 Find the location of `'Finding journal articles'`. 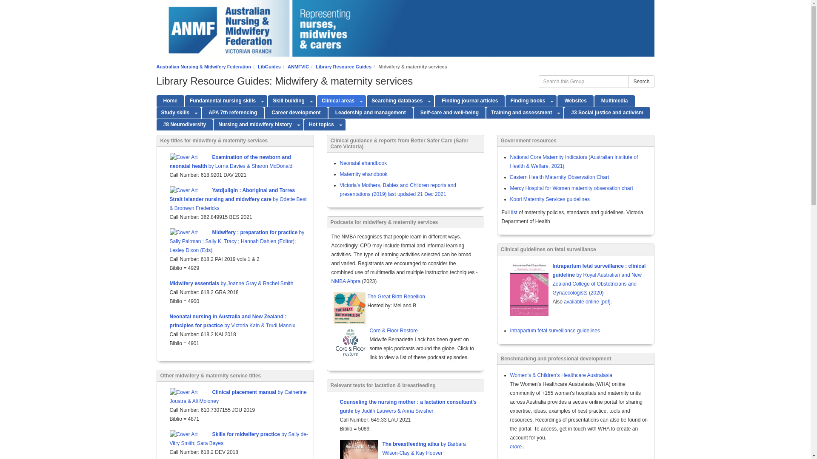

'Finding journal articles' is located at coordinates (469, 100).